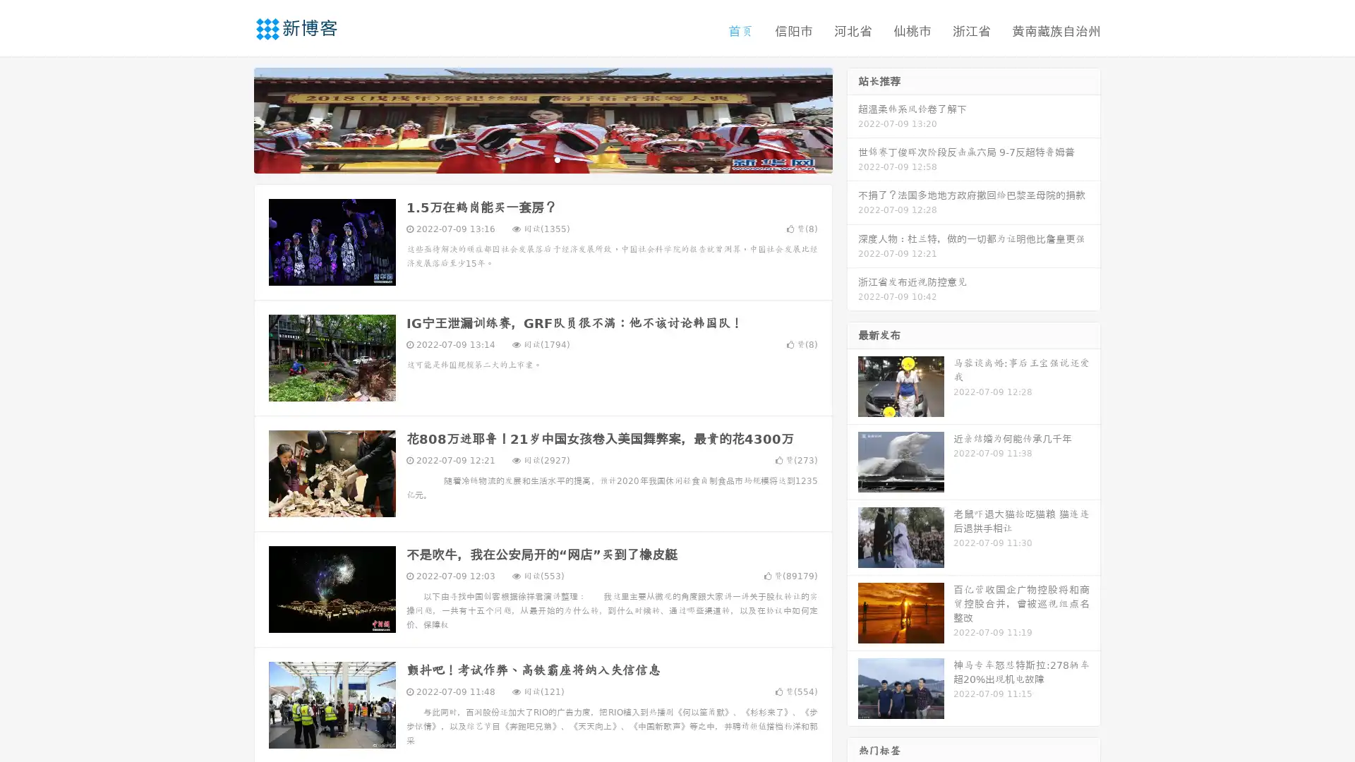  What do you see at coordinates (233, 119) in the screenshot?
I see `Previous slide` at bounding box center [233, 119].